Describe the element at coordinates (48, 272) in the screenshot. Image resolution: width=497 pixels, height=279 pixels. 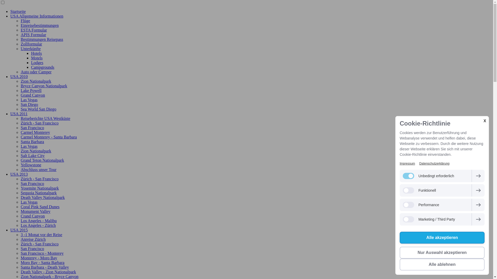
I see `'Death Valley - Zion Nationalpark'` at that location.